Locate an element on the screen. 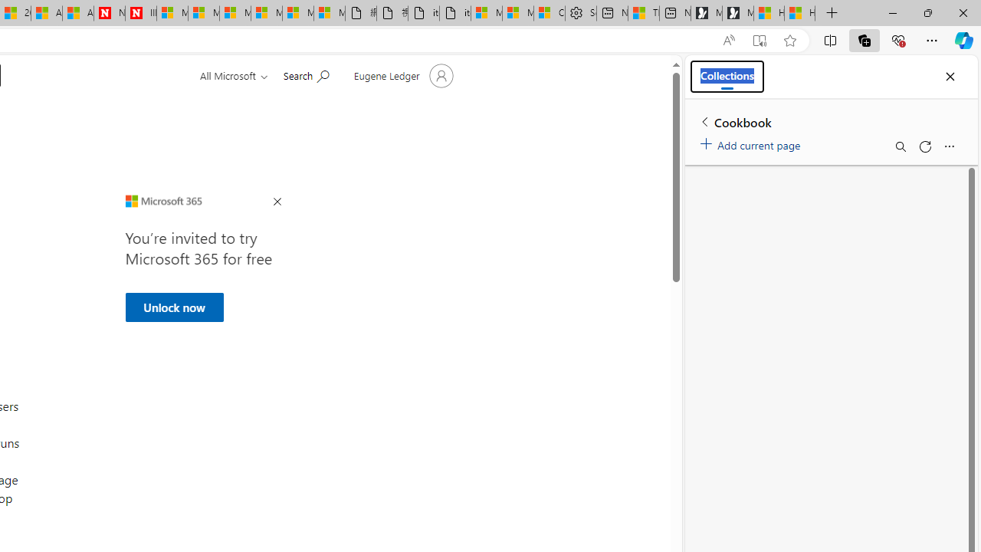  'Account manager for Eugene Ledger' is located at coordinates (402, 76).